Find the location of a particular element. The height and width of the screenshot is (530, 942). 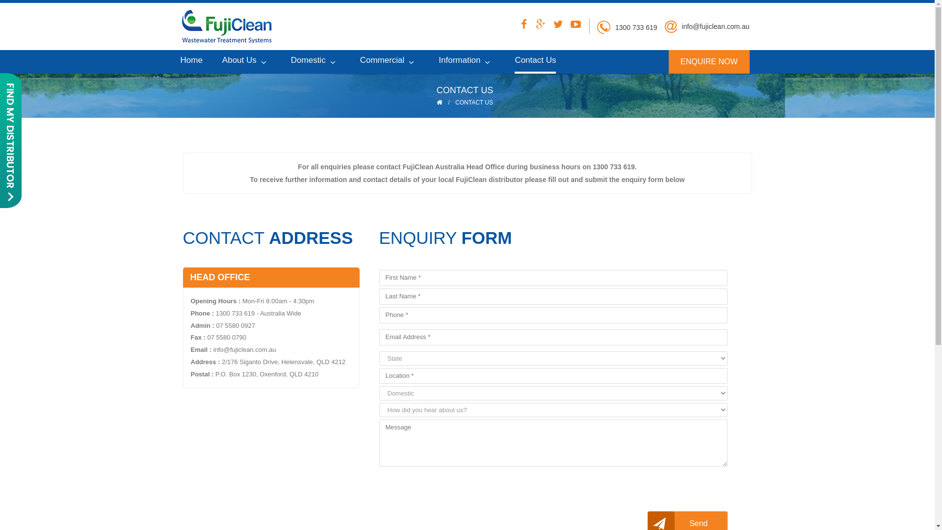

'Google+' is located at coordinates (532, 26).